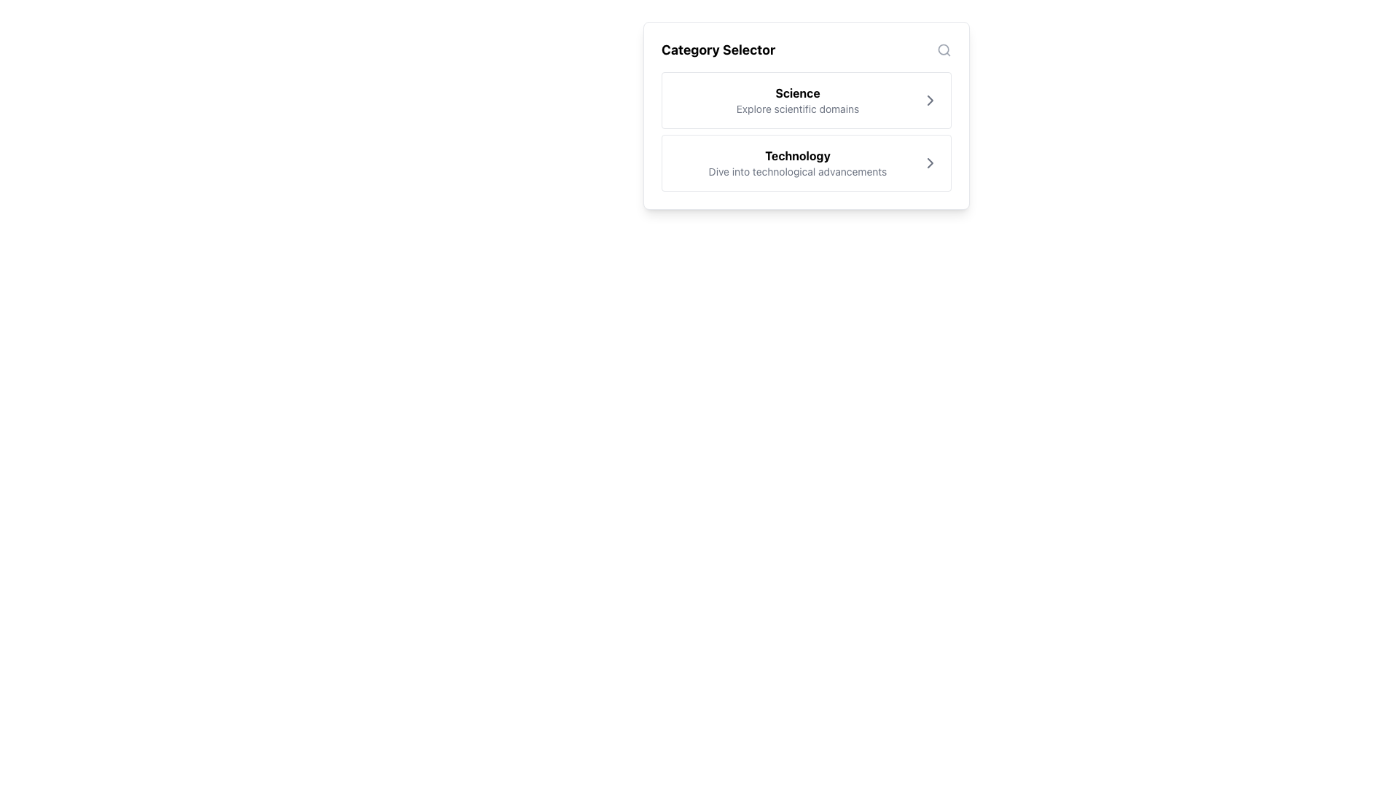 Image resolution: width=1399 pixels, height=787 pixels. What do you see at coordinates (796, 171) in the screenshot?
I see `the static text element located beneath the main heading 'Technology', which provides additional context on the topic of 'Technology'` at bounding box center [796, 171].